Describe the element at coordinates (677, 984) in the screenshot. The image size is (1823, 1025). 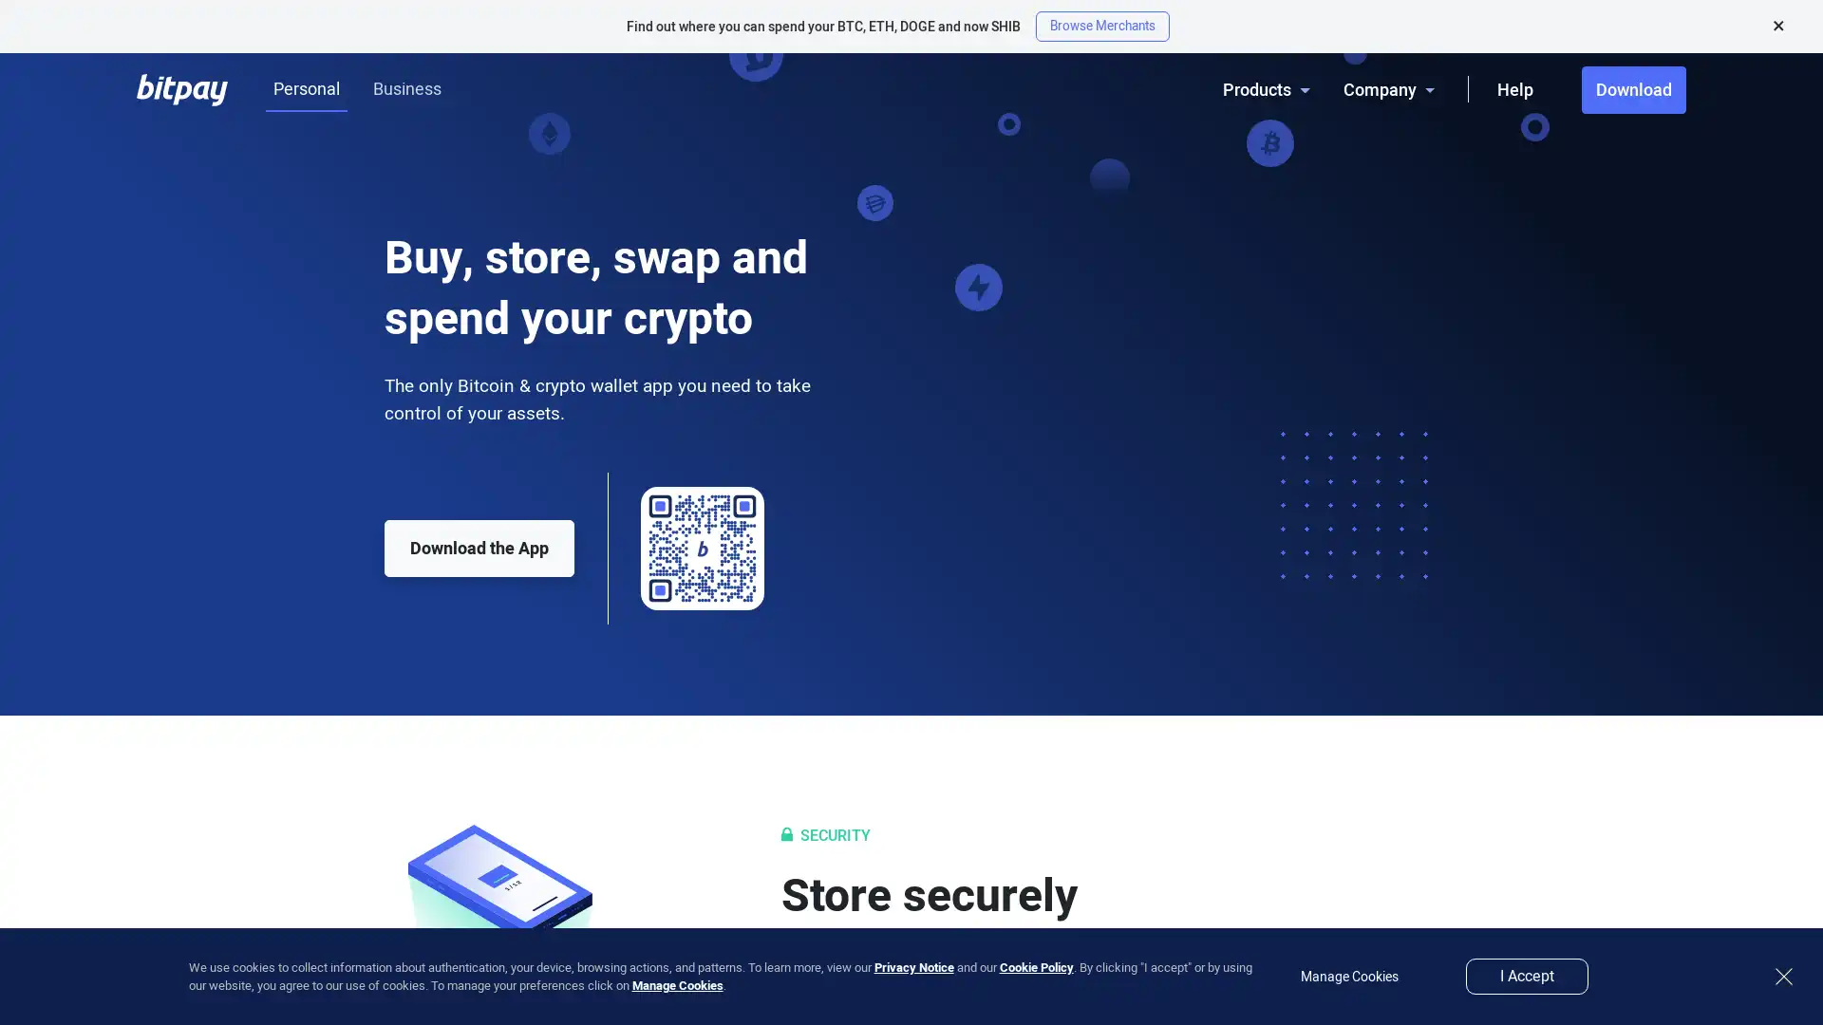
I see `Manage Cookies` at that location.